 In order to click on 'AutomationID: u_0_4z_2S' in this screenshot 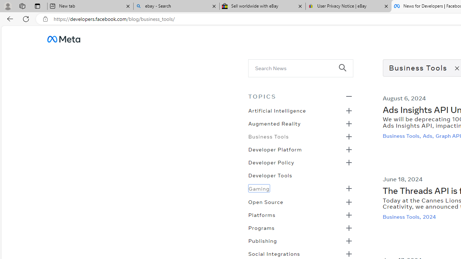, I will do `click(63, 39)`.